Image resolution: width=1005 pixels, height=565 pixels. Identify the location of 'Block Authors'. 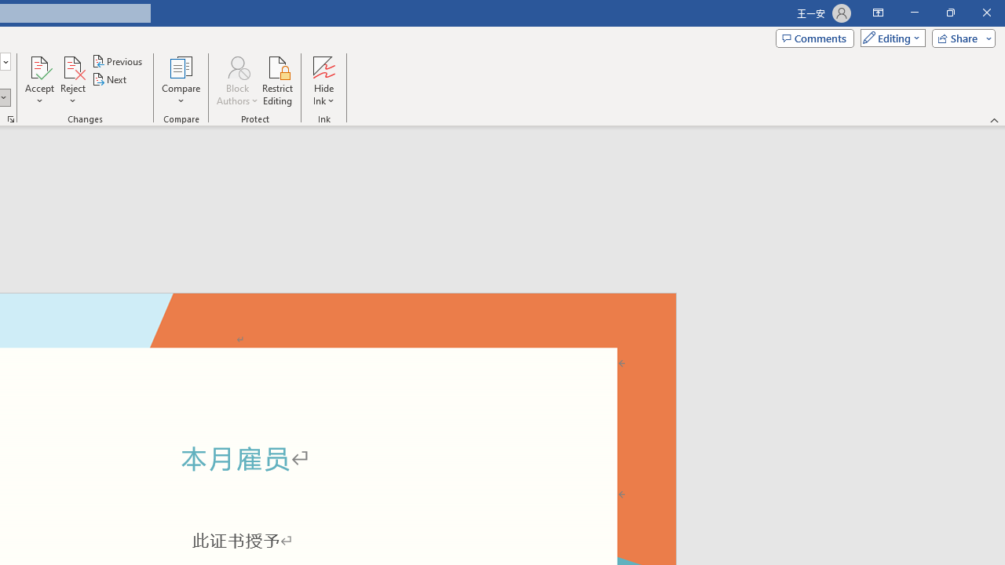
(236, 66).